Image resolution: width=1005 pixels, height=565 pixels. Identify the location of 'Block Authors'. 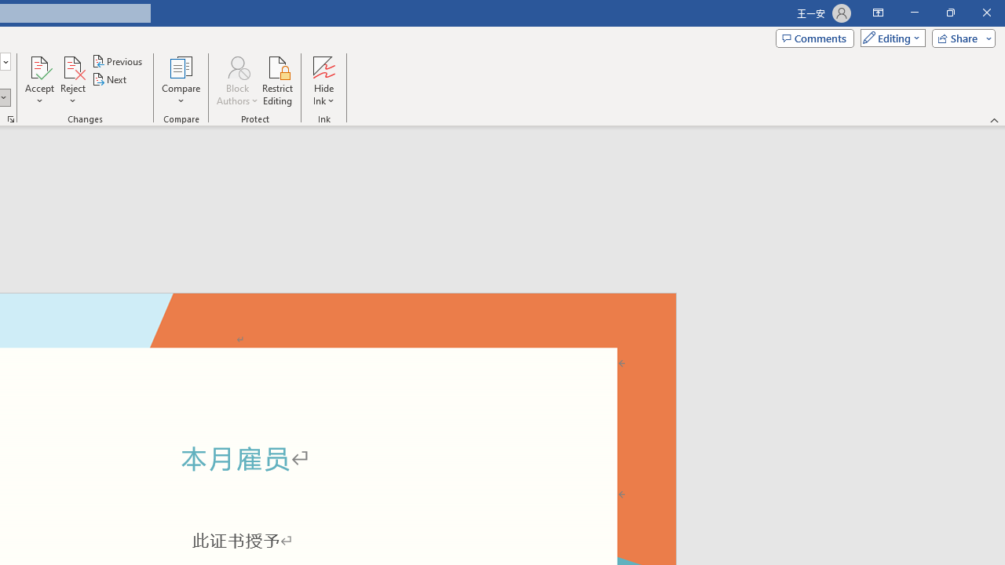
(236, 66).